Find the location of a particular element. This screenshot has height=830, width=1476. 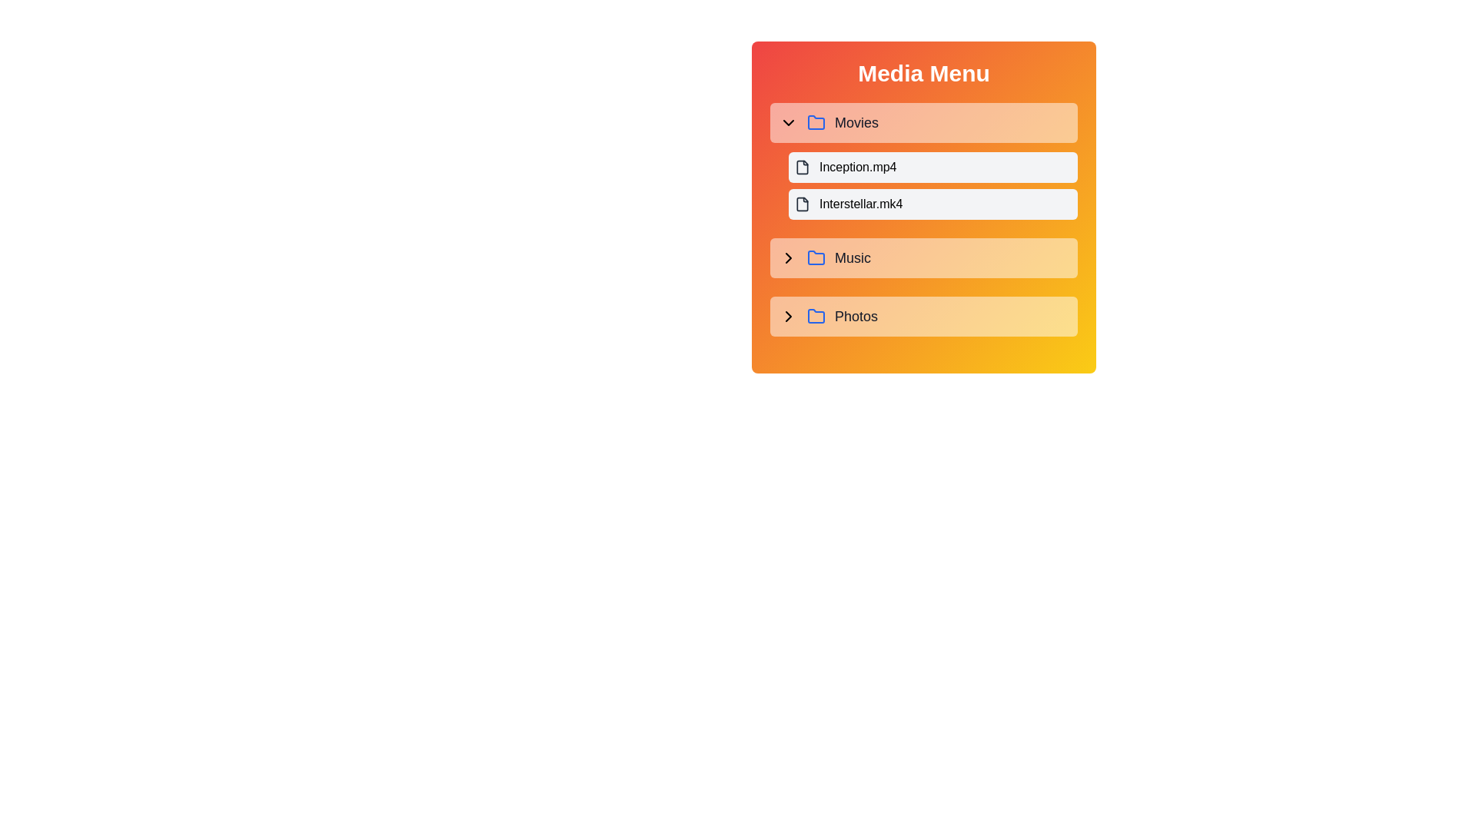

the folder icon indicating the 'Music' directory in the media menu, which is positioned to the left of the 'Music' label is located at coordinates (815, 257).